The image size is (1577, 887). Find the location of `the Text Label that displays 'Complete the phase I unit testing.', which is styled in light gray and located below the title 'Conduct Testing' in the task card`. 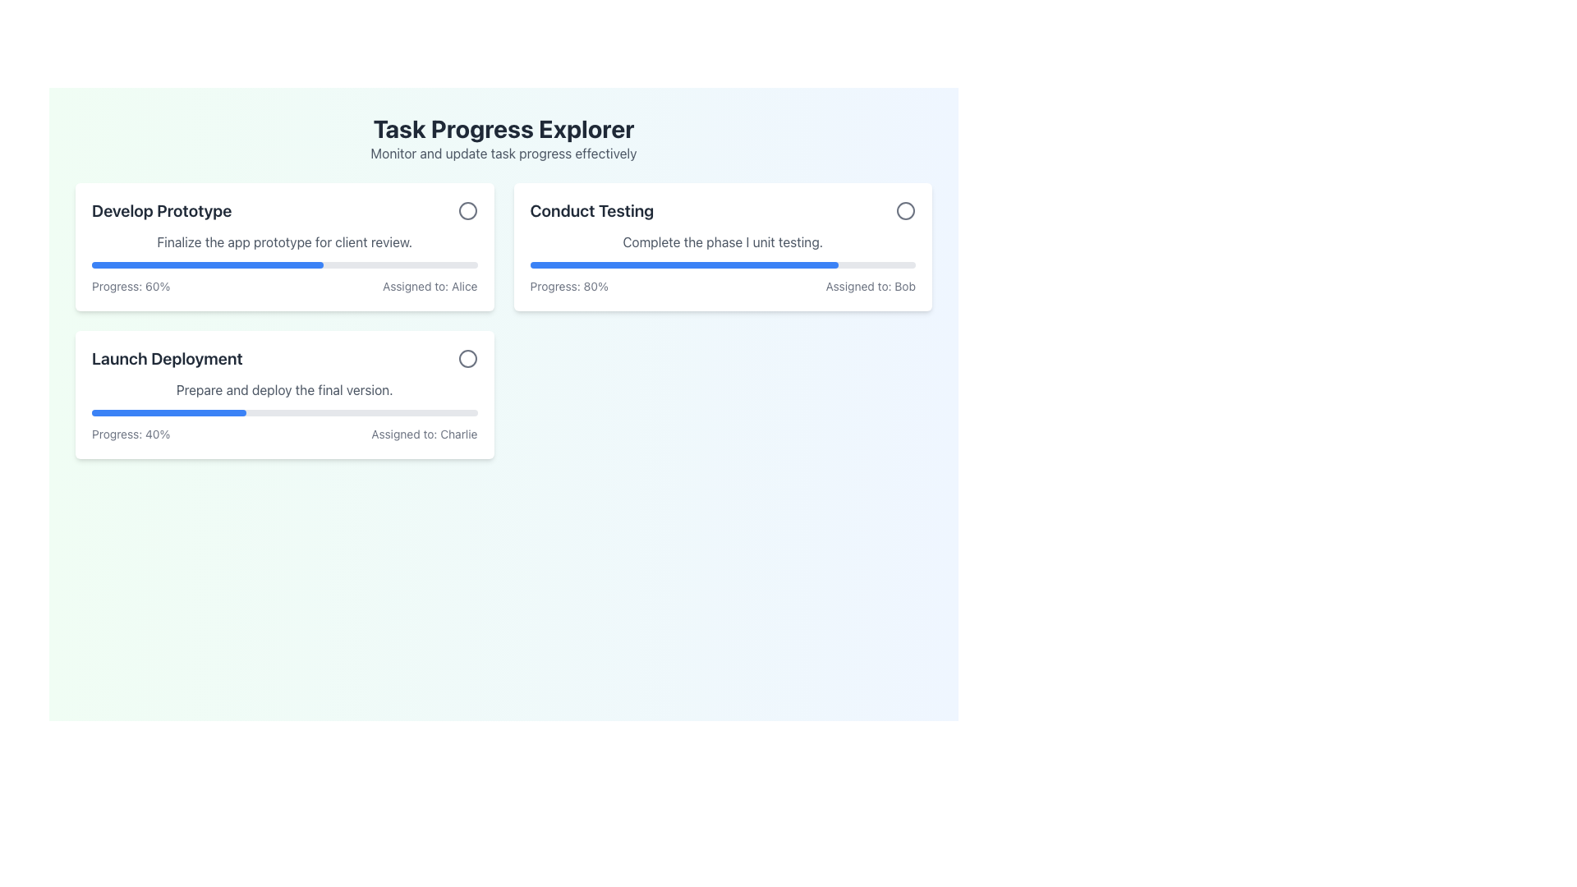

the Text Label that displays 'Complete the phase I unit testing.', which is styled in light gray and located below the title 'Conduct Testing' in the task card is located at coordinates (723, 241).